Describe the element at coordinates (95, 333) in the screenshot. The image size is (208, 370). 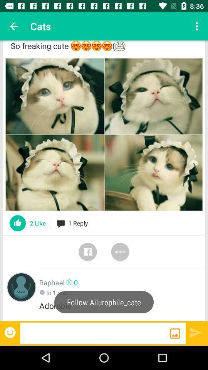
I see `comment` at that location.